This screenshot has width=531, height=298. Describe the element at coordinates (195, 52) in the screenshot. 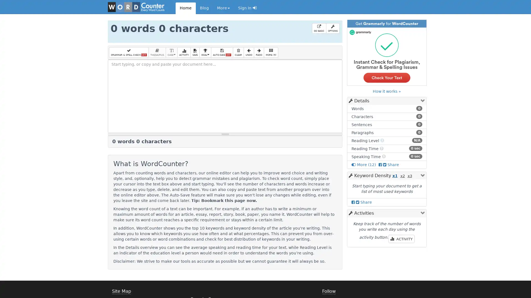

I see `SAVE` at that location.